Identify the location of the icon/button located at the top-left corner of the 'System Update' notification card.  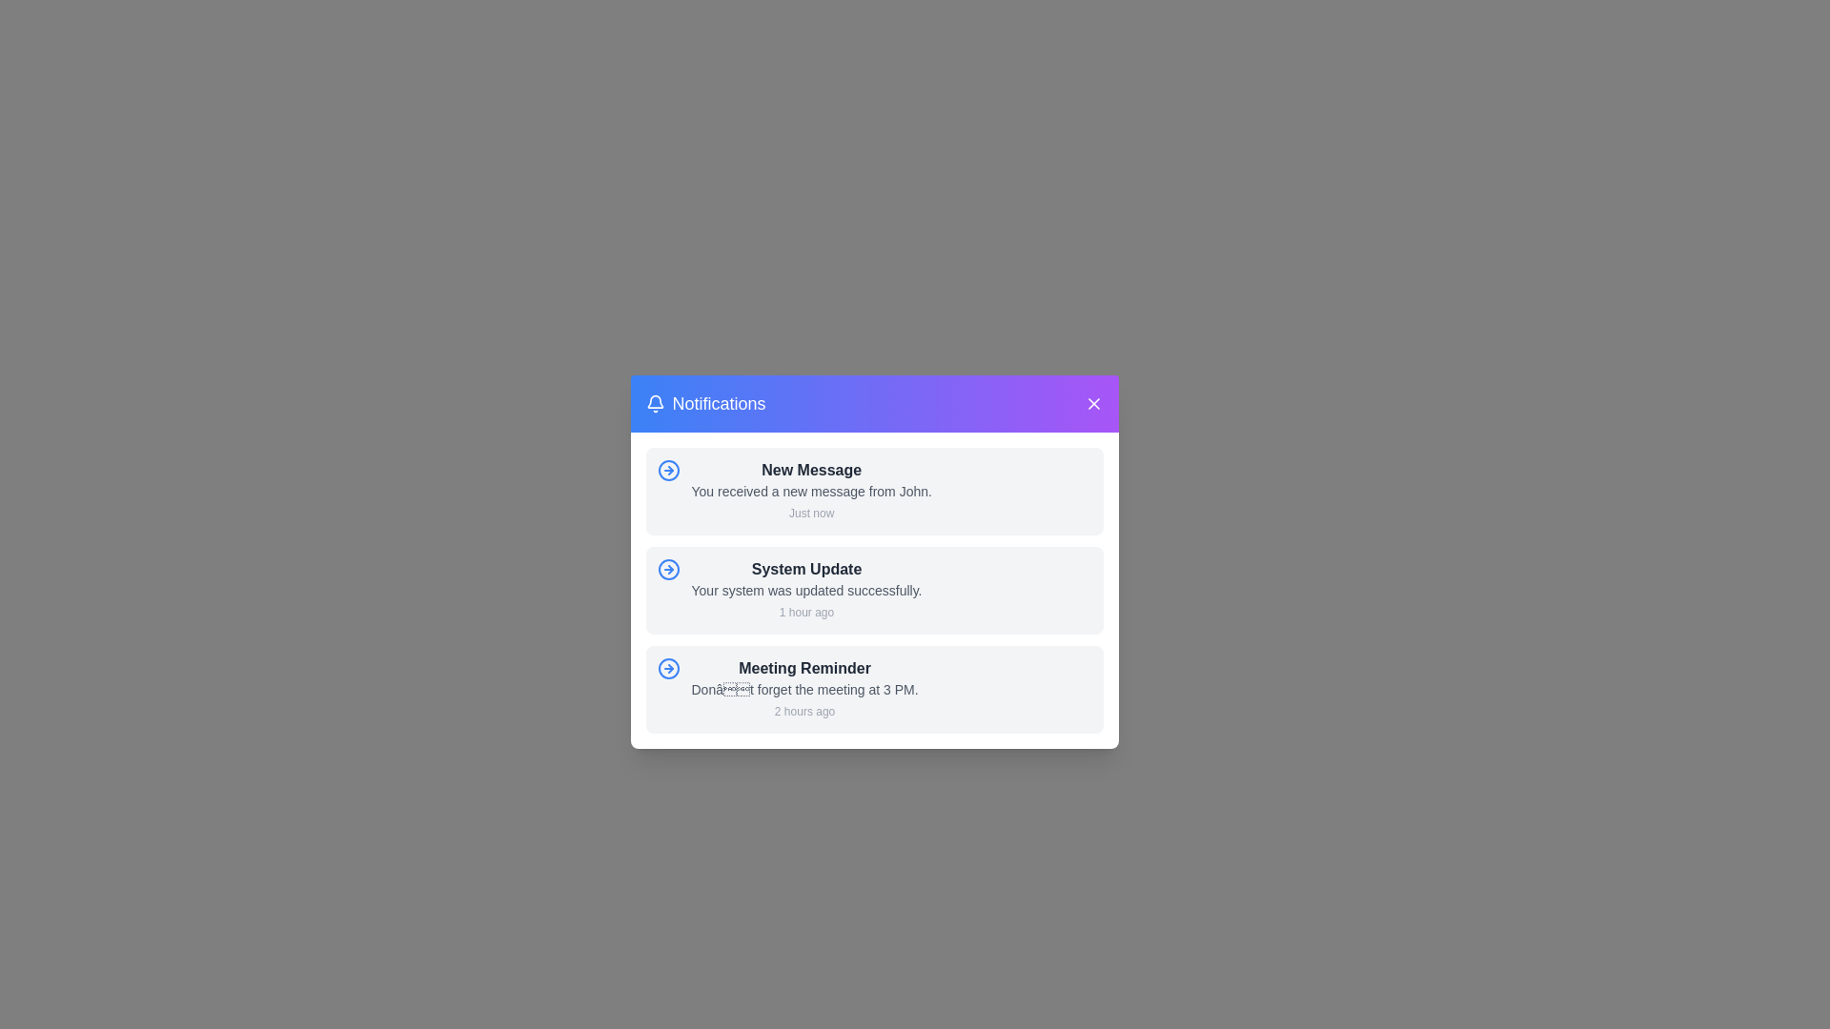
(668, 568).